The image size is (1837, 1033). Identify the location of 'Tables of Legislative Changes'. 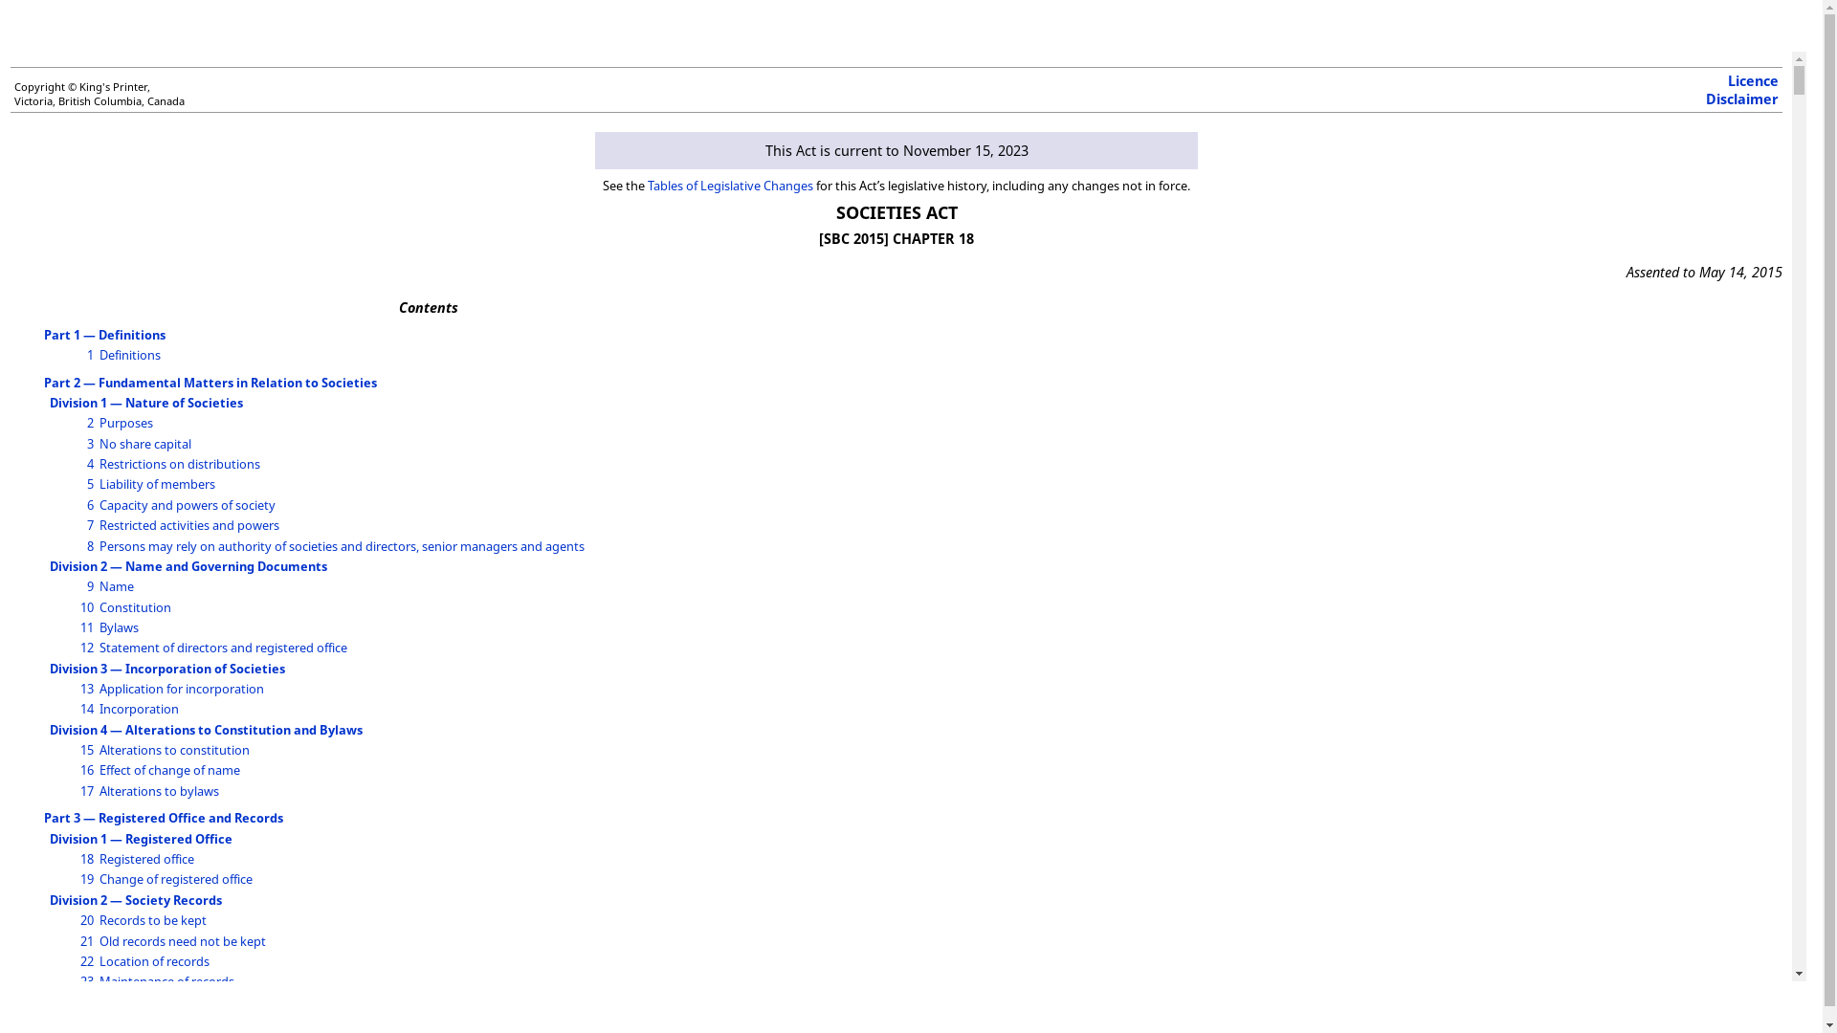
(729, 185).